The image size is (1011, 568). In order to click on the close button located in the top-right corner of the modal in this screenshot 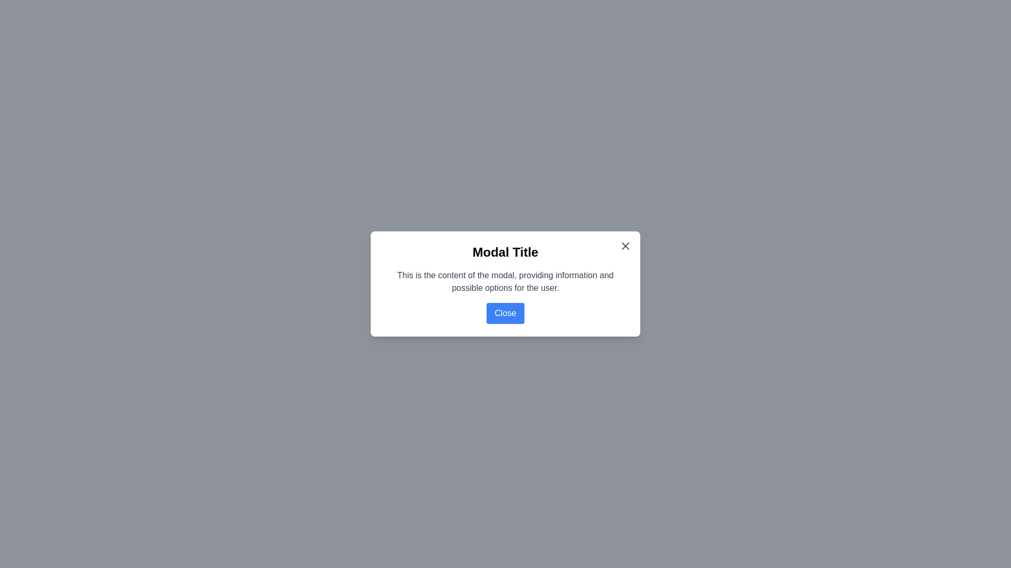, I will do `click(626, 246)`.